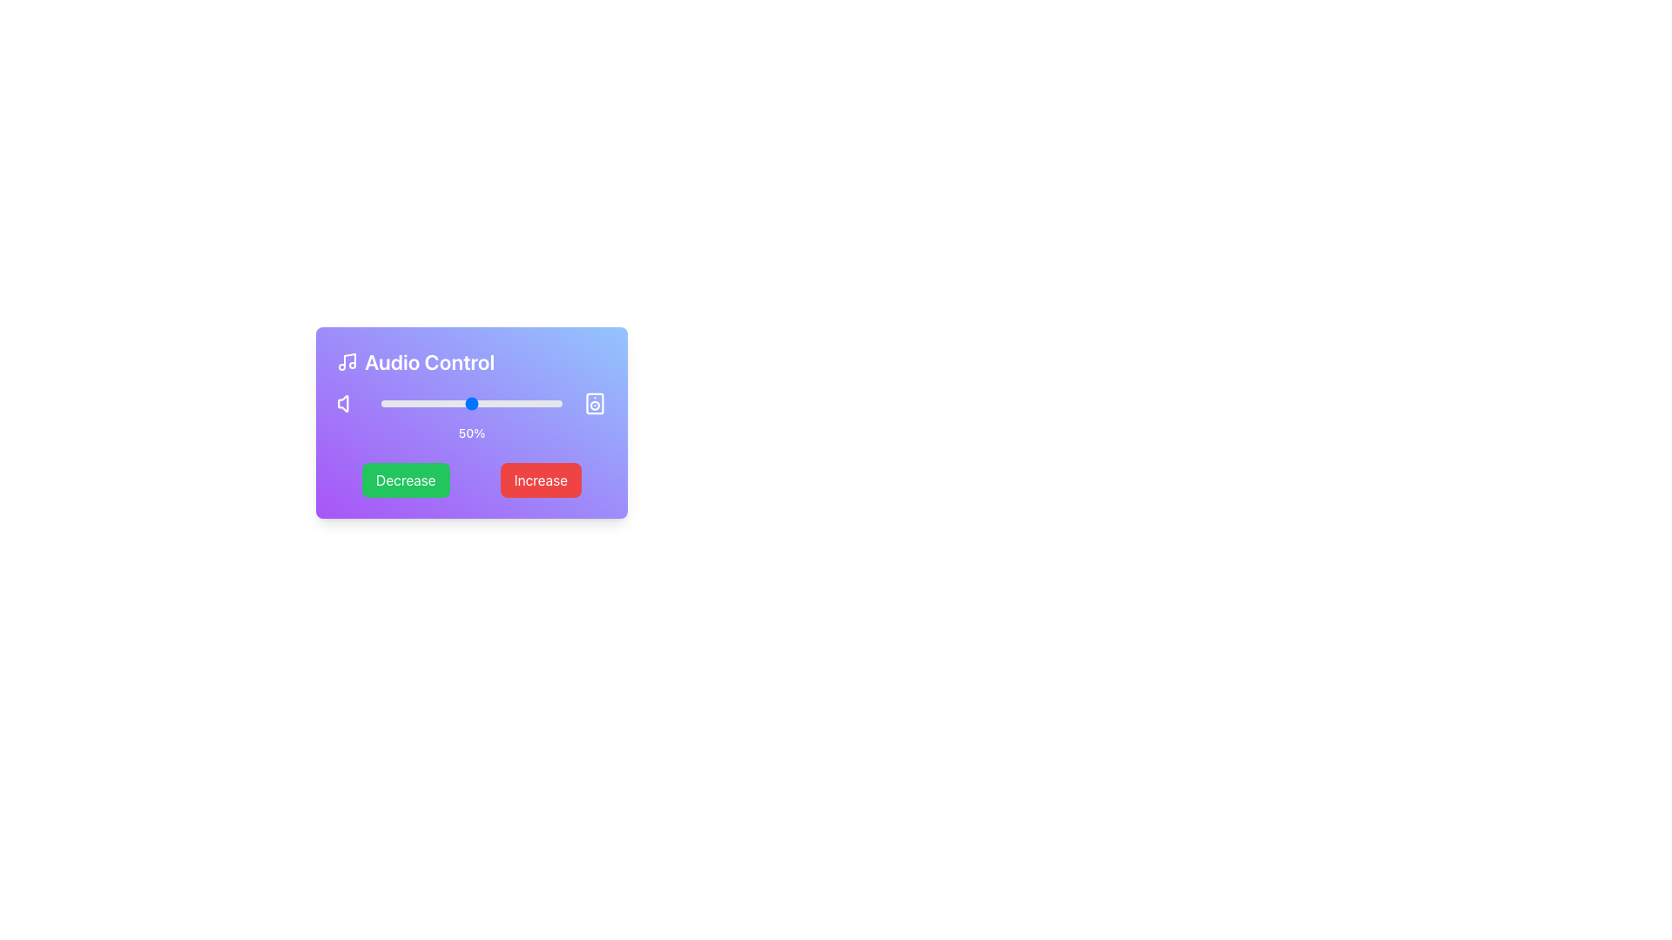 Image resolution: width=1672 pixels, height=940 pixels. Describe the element at coordinates (347, 361) in the screenshot. I see `the music-related icon in the title bar labeled 'Audio Control', which is styled in white and is the first element to the left of the text 'Audio Control'` at that location.